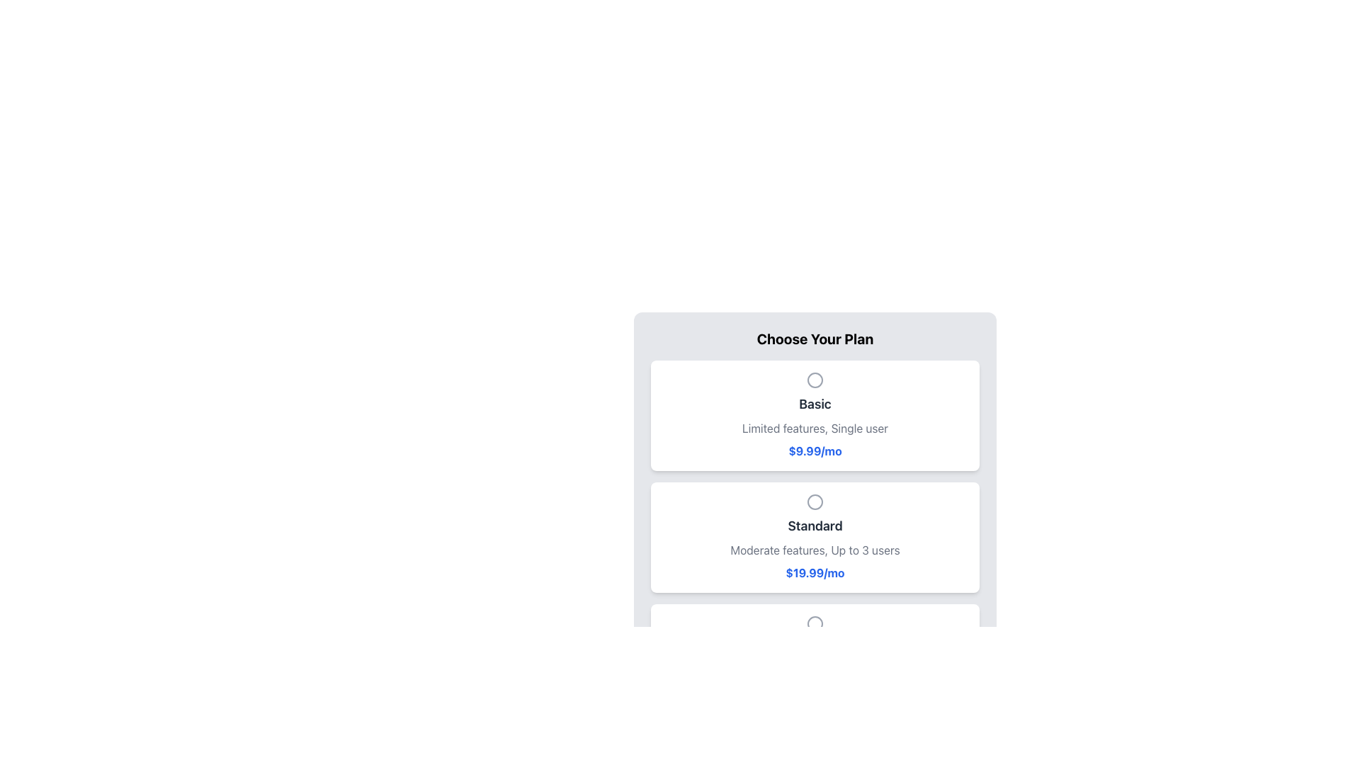 The height and width of the screenshot is (765, 1360). I want to click on the Text Label displaying 'Moderate features, Up to 3 users' located in the second plan selection card labeled 'Standard', beneath the title 'Standard' and above the price '$19.99/mo', so click(815, 549).